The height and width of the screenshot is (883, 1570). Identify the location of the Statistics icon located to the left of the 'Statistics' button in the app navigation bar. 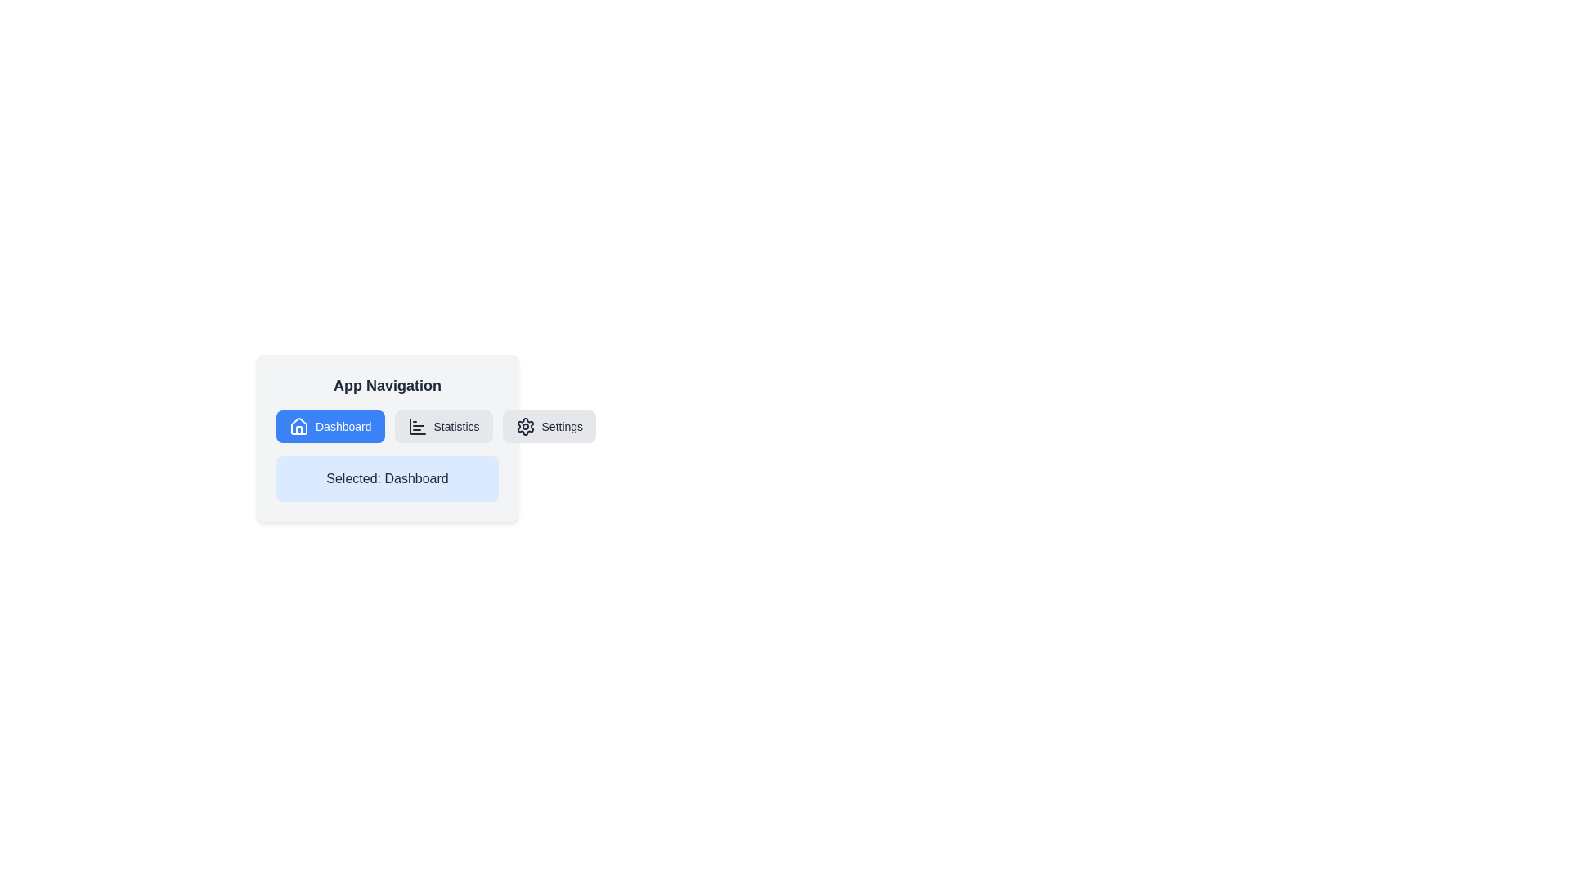
(417, 425).